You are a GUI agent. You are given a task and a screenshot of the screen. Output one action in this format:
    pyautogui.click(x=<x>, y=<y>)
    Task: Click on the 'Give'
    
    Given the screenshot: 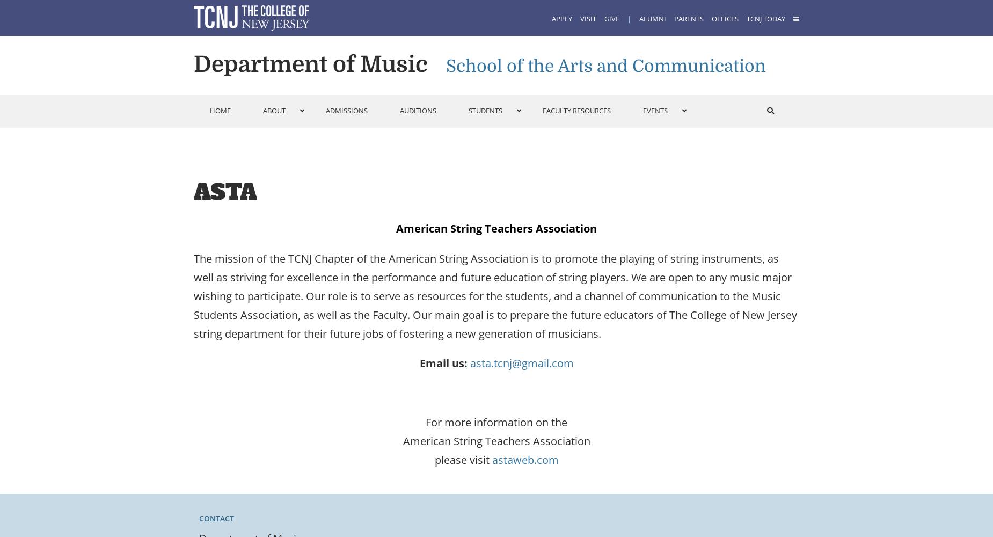 What is the action you would take?
    pyautogui.click(x=611, y=19)
    